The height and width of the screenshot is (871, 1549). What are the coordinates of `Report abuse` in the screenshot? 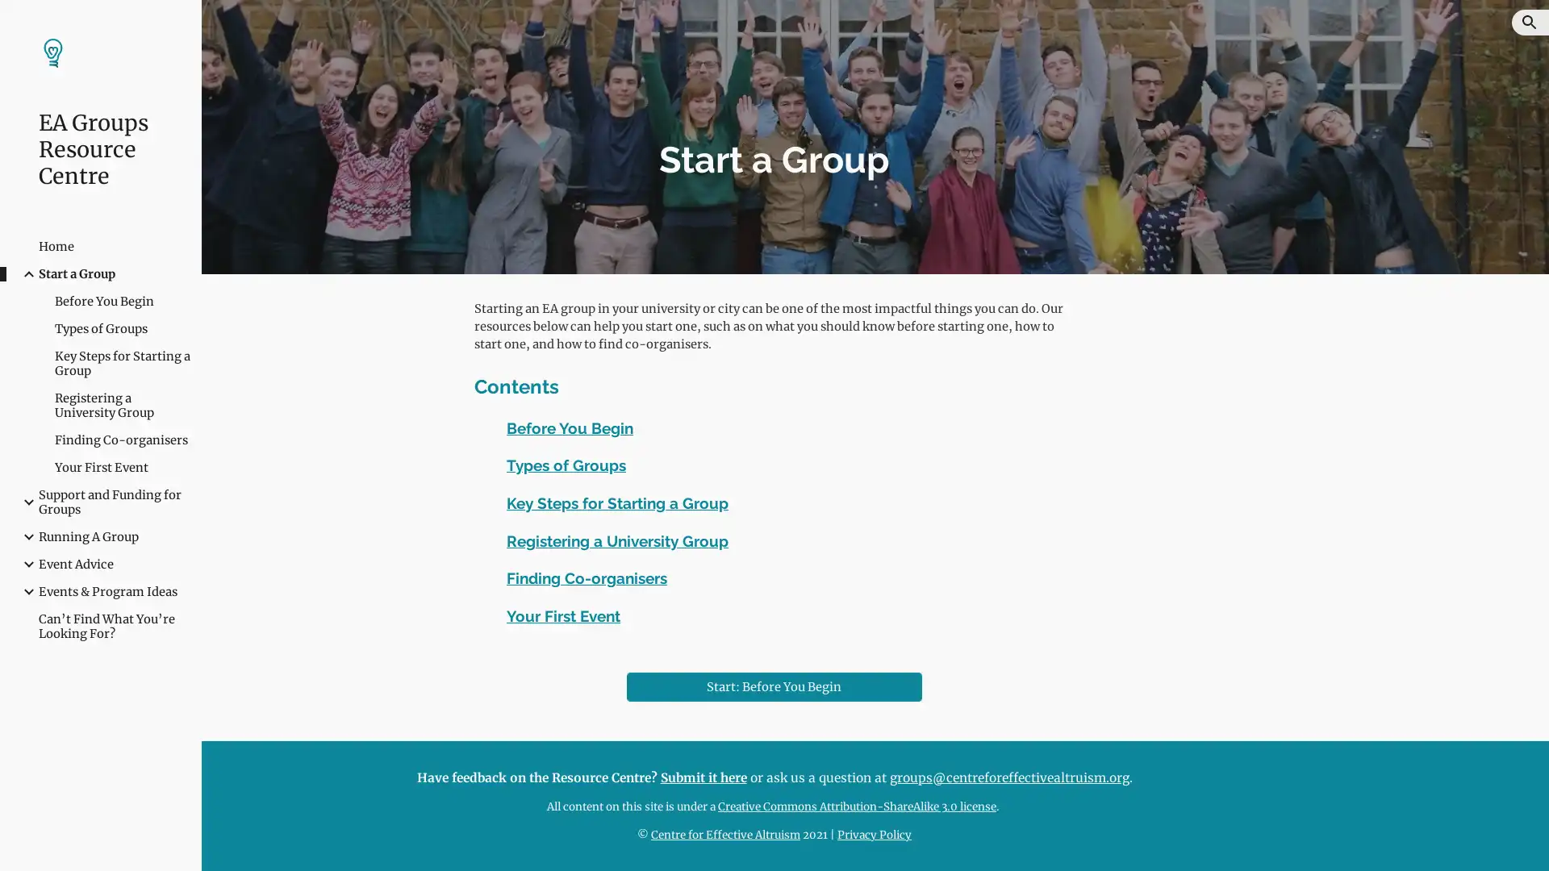 It's located at (328, 842).